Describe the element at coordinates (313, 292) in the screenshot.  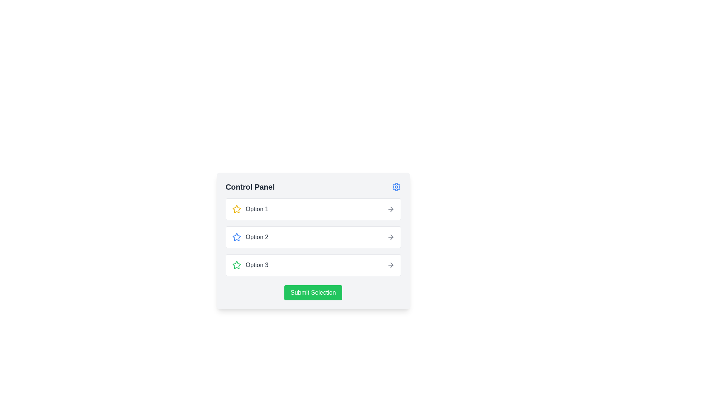
I see `the submit button located at the bottom center of the Control Panel interface` at that location.